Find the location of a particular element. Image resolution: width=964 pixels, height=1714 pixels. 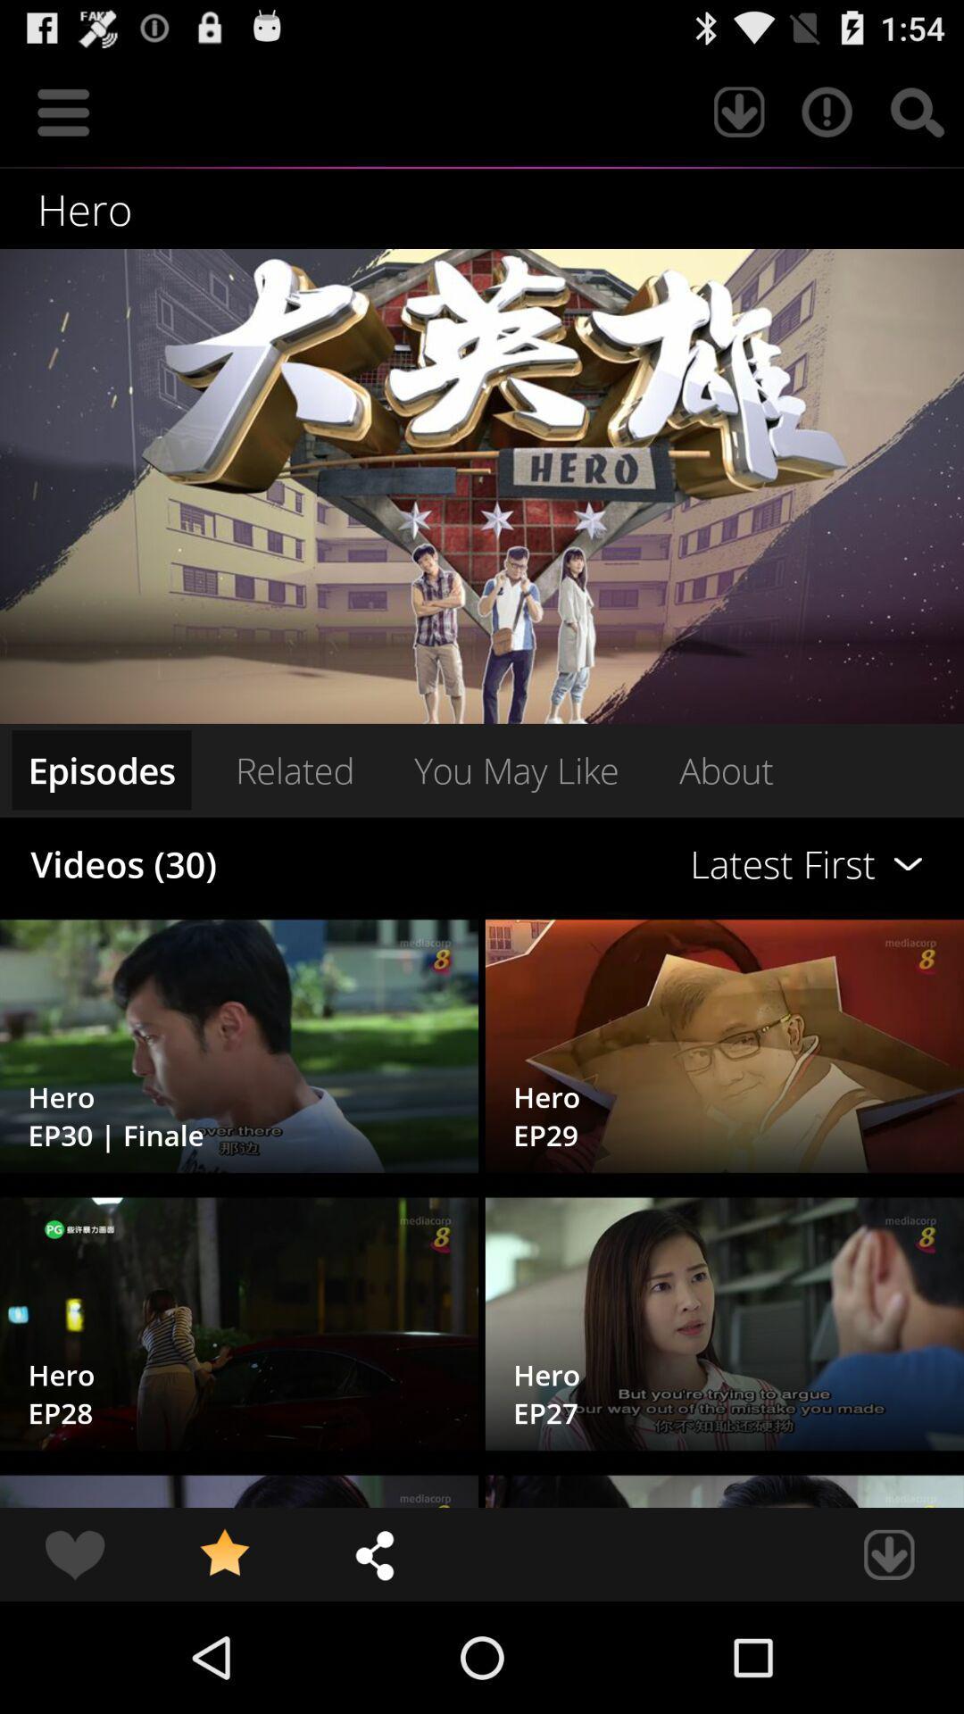

item at the bottom is located at coordinates (374, 1553).